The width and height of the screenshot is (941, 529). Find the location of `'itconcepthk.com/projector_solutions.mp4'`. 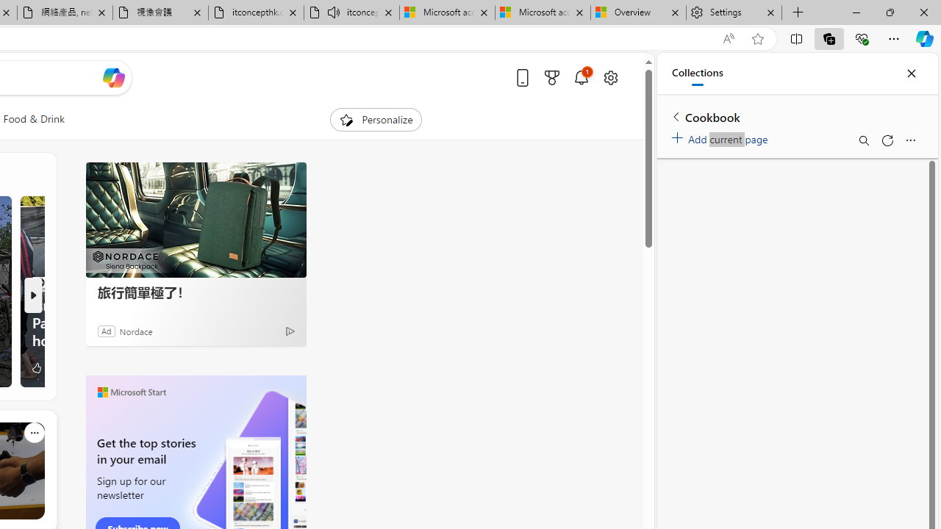

'itconcepthk.com/projector_solutions.mp4' is located at coordinates (256, 12).